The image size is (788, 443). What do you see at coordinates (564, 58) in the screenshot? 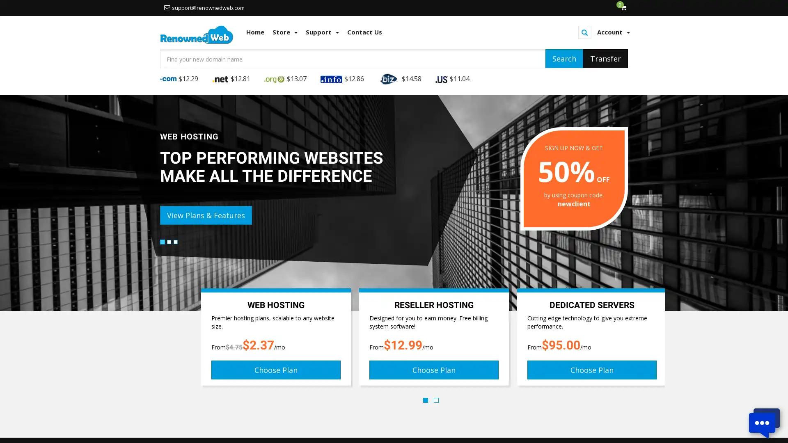
I see `Search` at bounding box center [564, 58].